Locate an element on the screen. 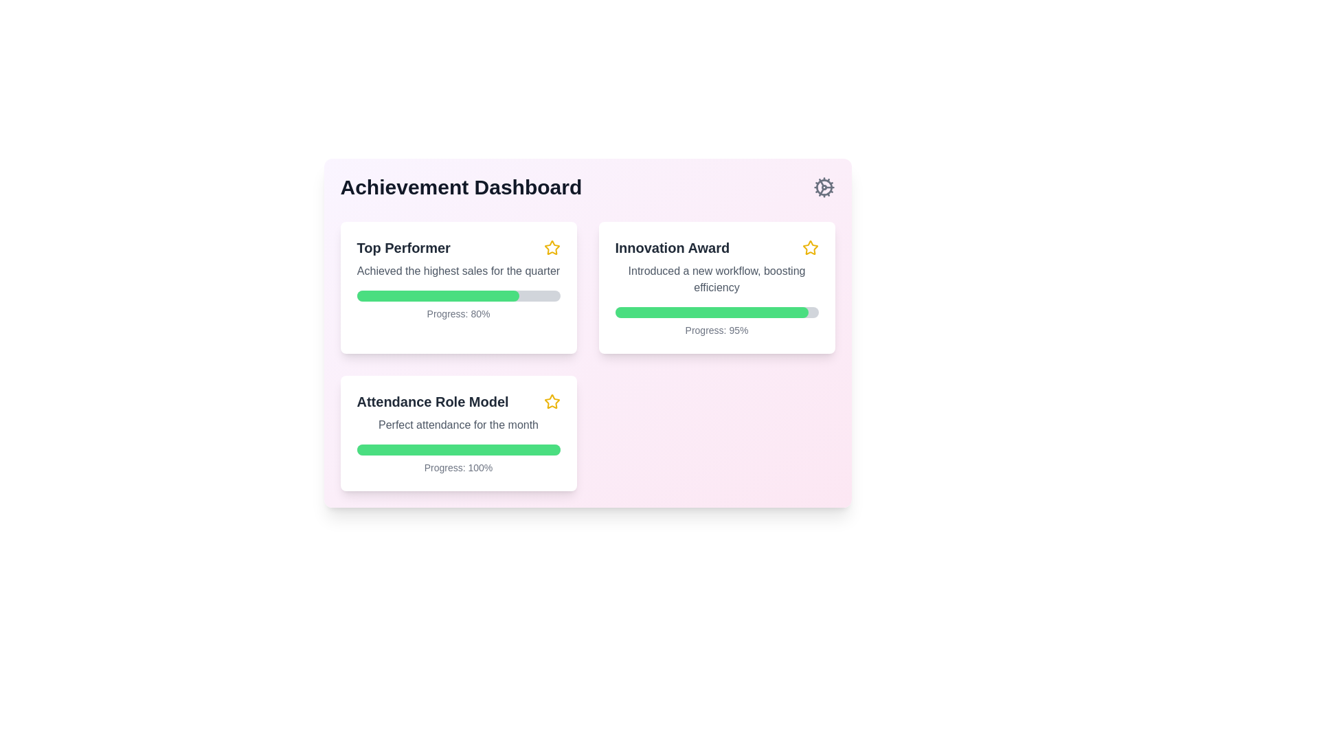  the 'Innovation Award' achievement card, which is the second card in the grid of top achievements located in the top-right corner is located at coordinates (716, 287).